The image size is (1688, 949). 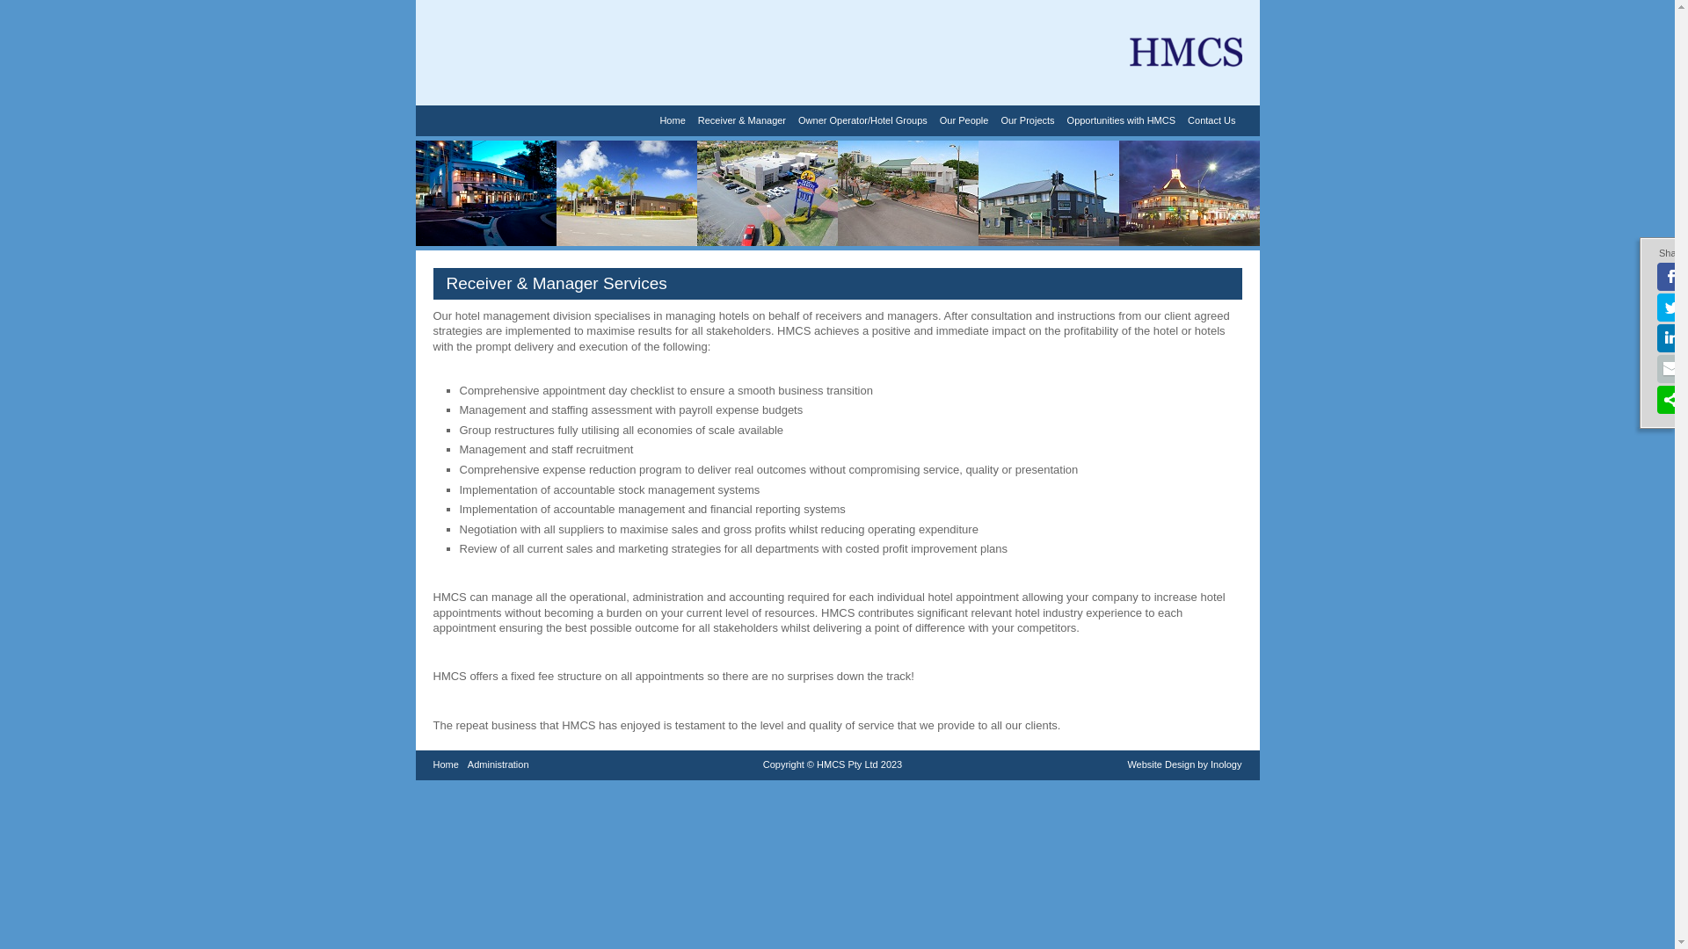 What do you see at coordinates (1160, 764) in the screenshot?
I see `'Website Design'` at bounding box center [1160, 764].